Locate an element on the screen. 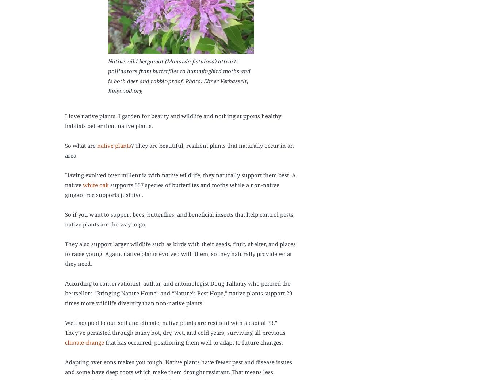  'So what are' is located at coordinates (81, 145).